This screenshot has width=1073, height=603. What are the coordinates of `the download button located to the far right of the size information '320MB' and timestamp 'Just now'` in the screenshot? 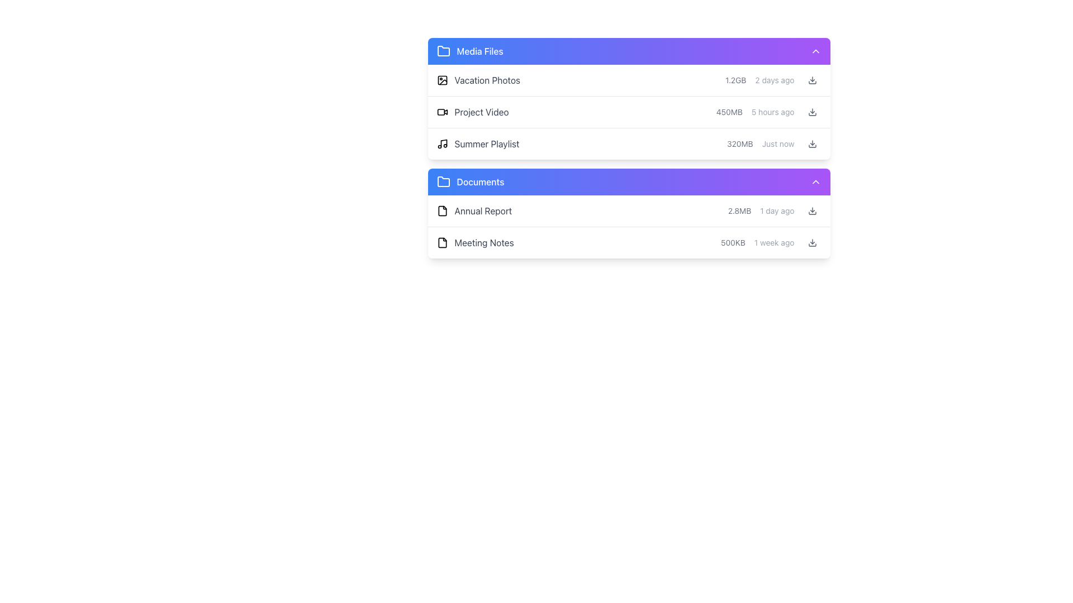 It's located at (812, 143).